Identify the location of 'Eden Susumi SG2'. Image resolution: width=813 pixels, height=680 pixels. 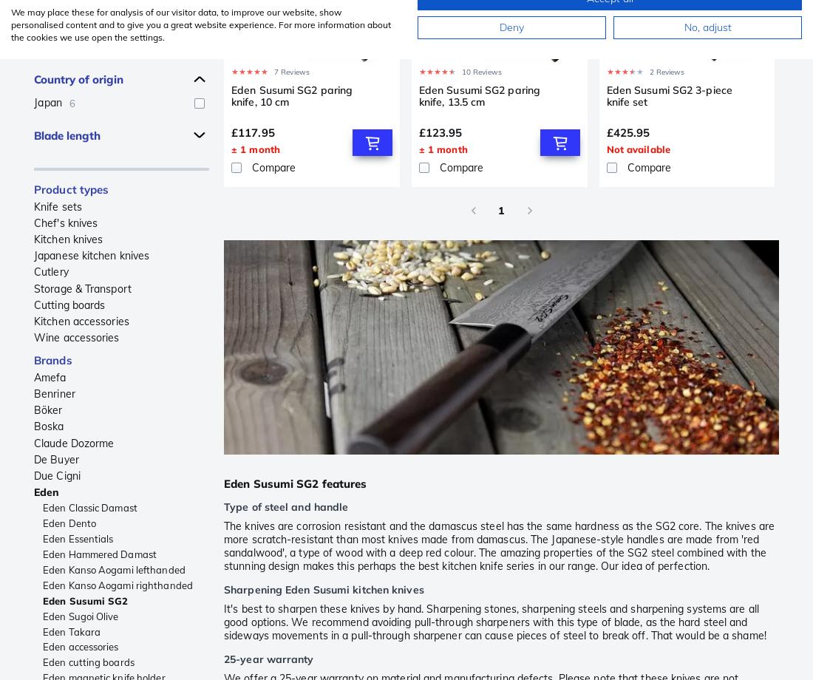
(85, 599).